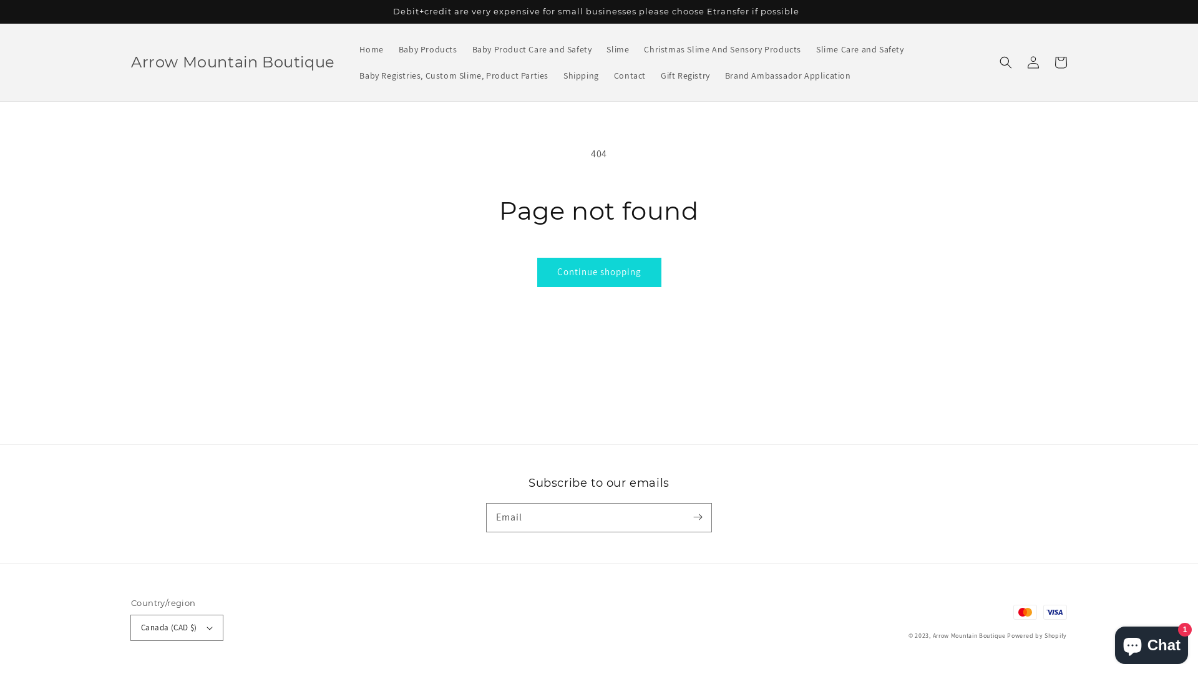  I want to click on 'Slime Care and Safety', so click(859, 48).